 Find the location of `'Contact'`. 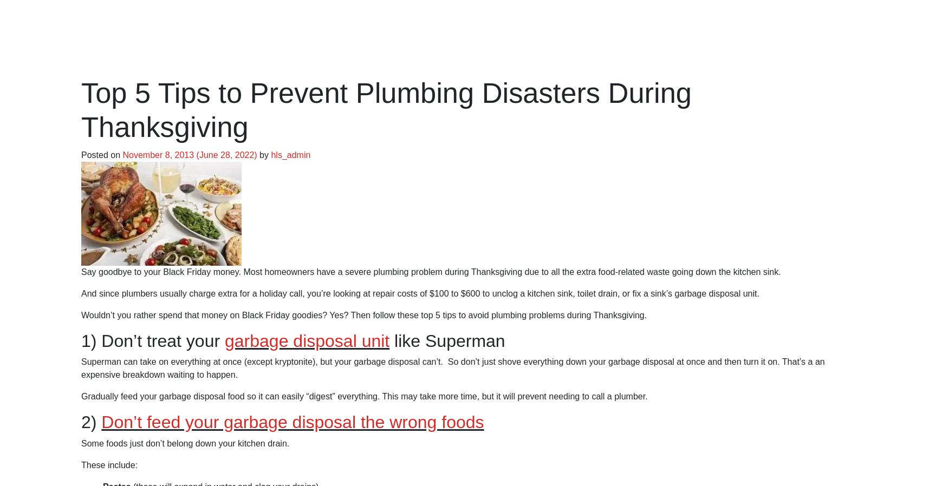

'Contact' is located at coordinates (693, 51).